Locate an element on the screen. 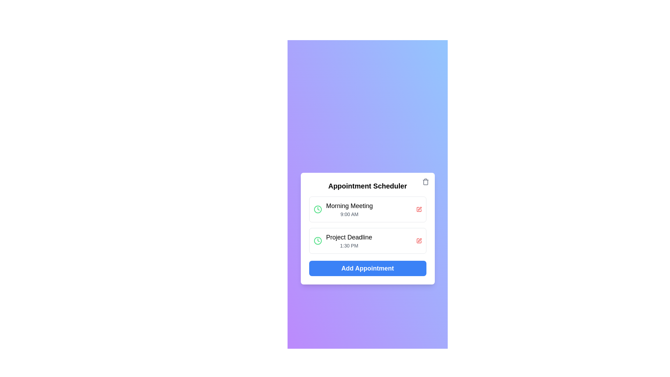 The width and height of the screenshot is (670, 377). time displayed in the small text label that shows '9:00 AM' below the 'Morning Meeting' heading in the first appointment card is located at coordinates (349, 214).